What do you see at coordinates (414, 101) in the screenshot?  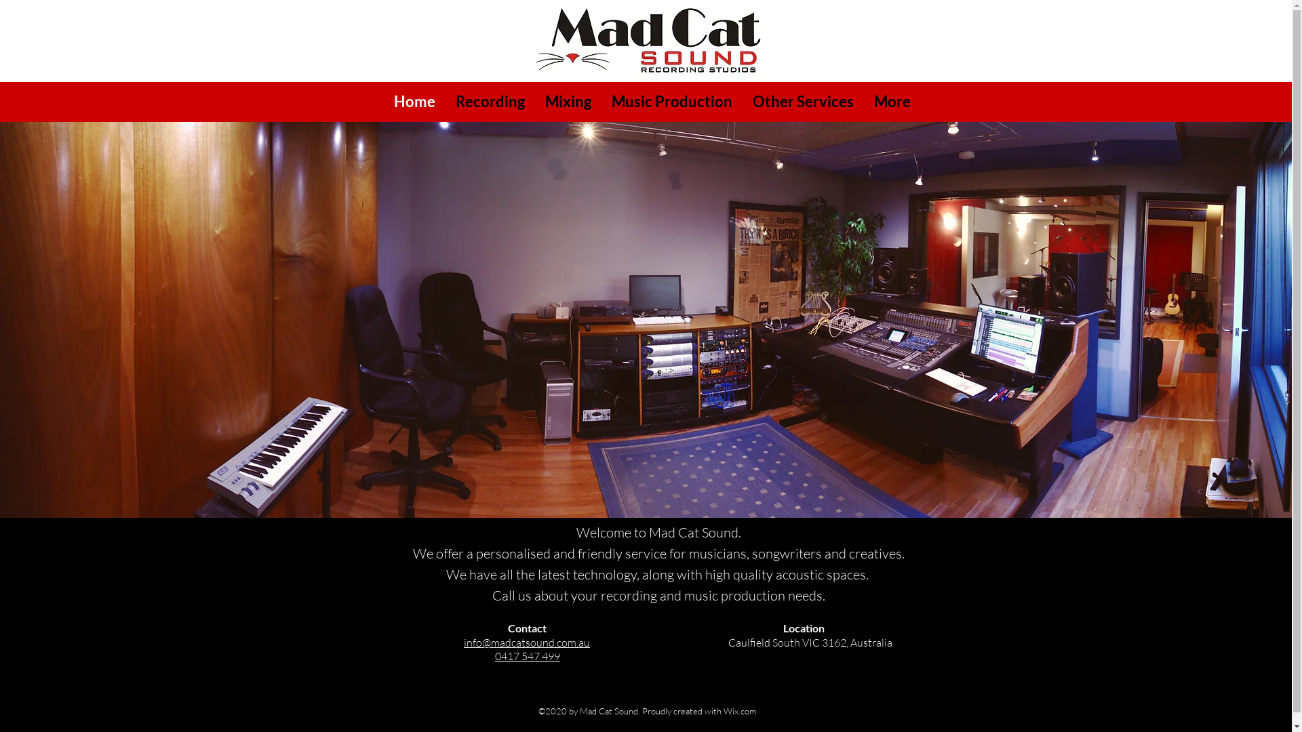 I see `'Home'` at bounding box center [414, 101].